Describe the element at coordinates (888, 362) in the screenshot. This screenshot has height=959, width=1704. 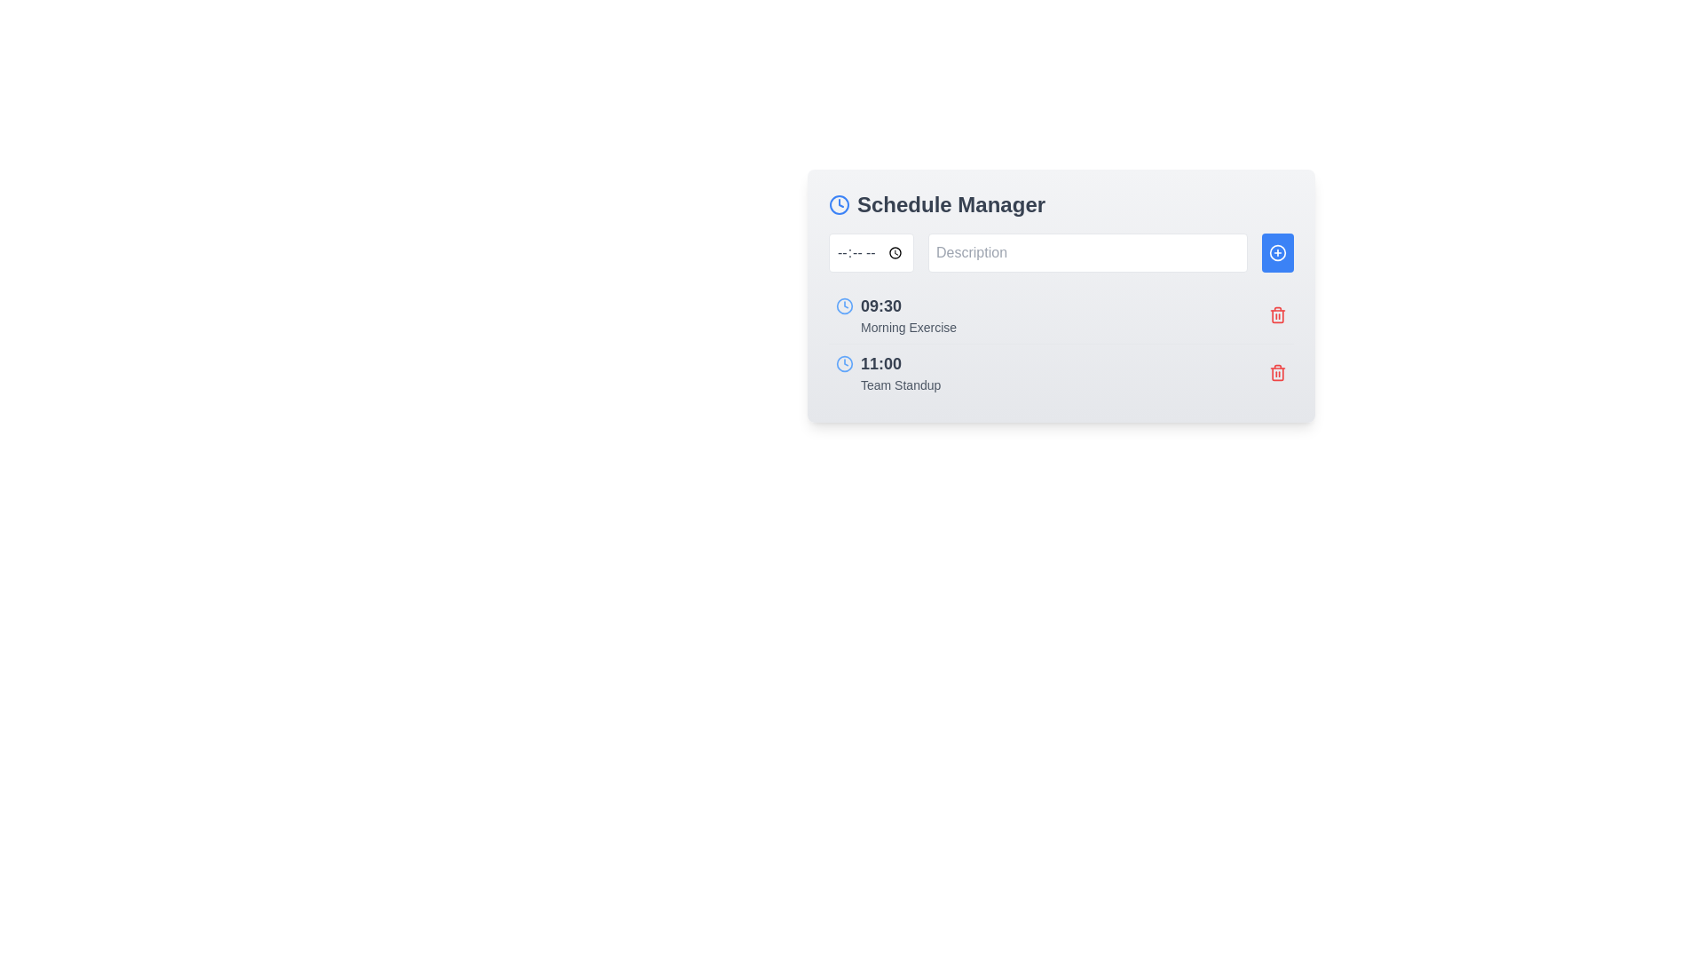
I see `the displayed time label '11:00' in the 'Team Standup' section, which is positioned to the right of a blue clock icon and above the description text` at that location.